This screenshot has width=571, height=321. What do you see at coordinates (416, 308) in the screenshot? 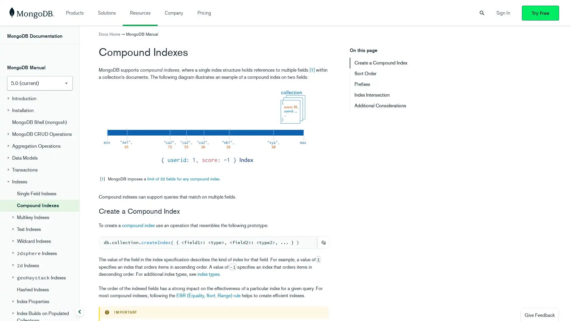
I see `Manage Cookies` at bounding box center [416, 308].